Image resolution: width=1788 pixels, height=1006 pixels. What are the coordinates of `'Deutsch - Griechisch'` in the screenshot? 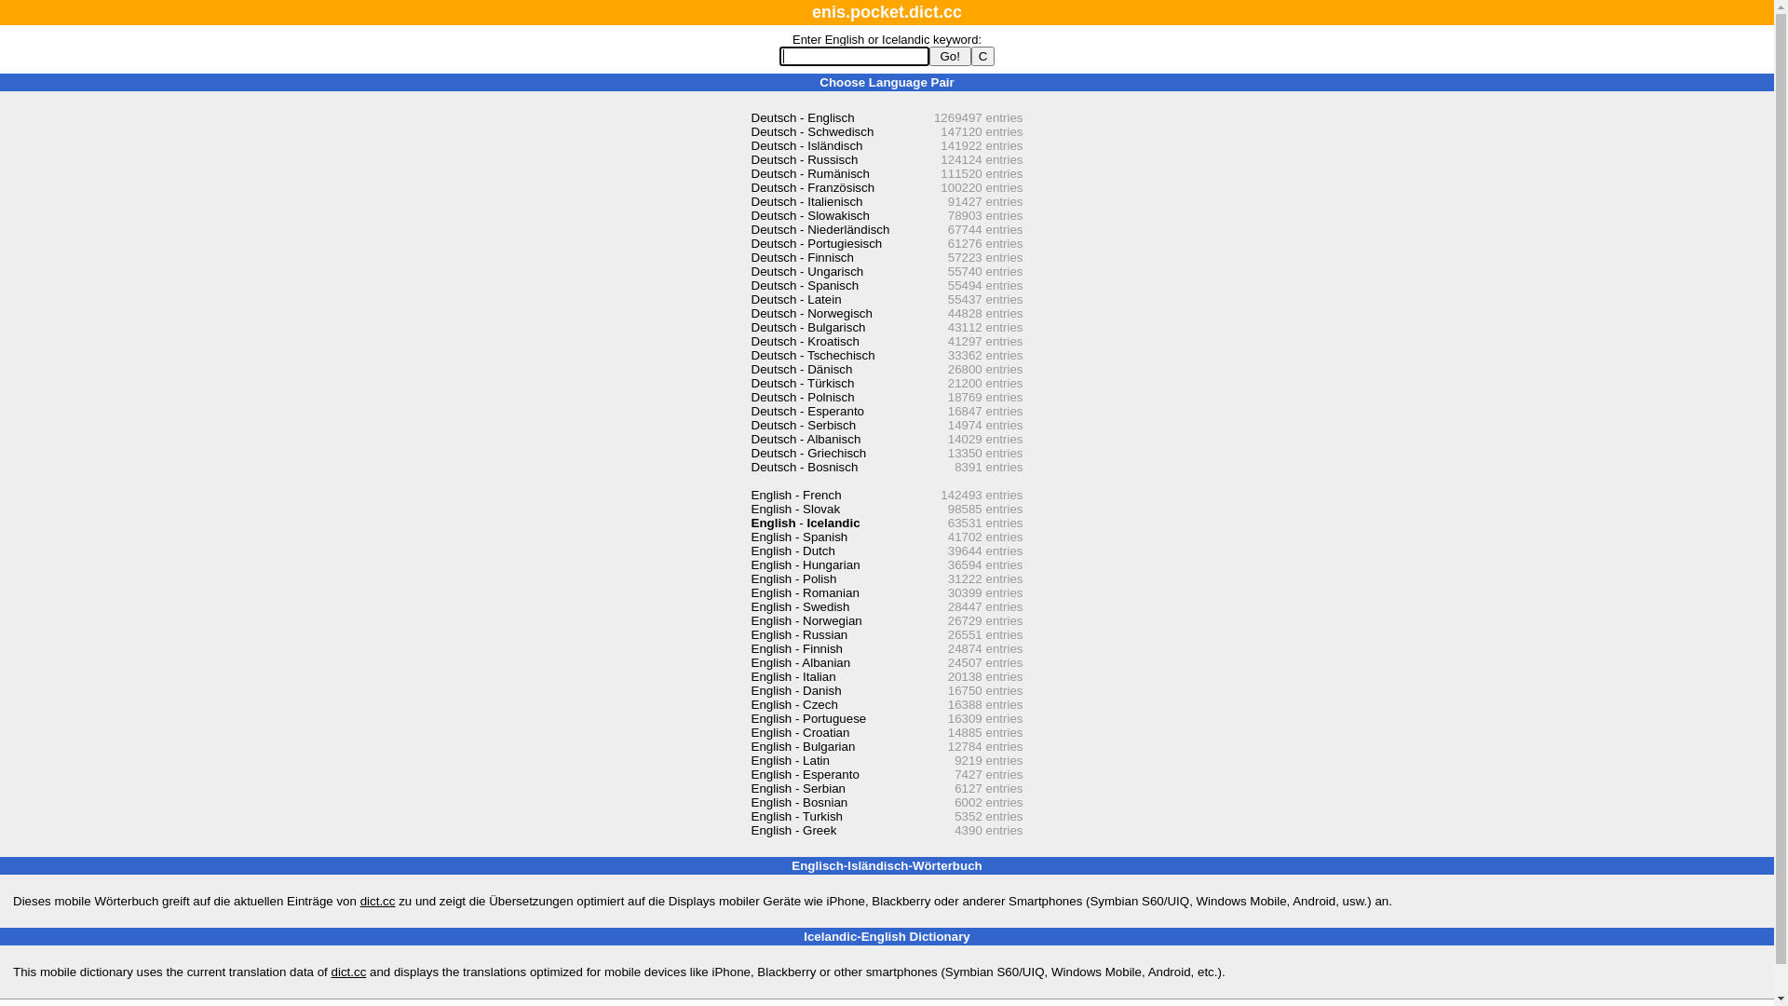 It's located at (751, 453).